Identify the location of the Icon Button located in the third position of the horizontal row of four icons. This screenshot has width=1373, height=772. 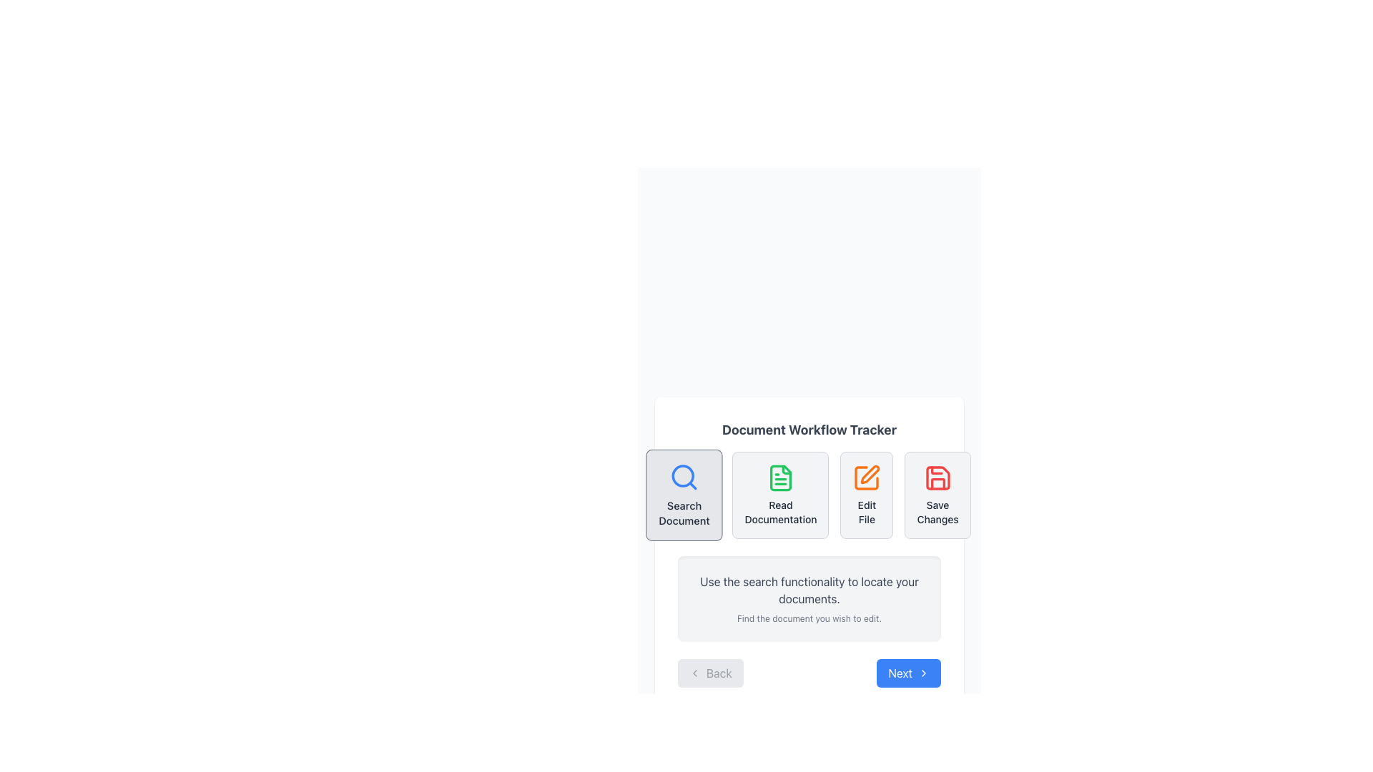
(866, 477).